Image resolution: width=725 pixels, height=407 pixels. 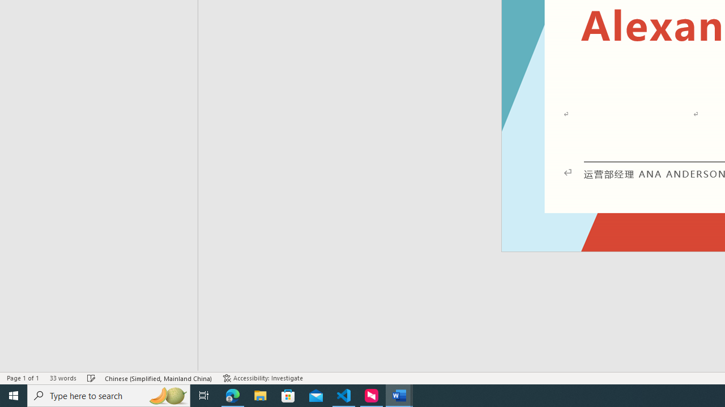 What do you see at coordinates (23, 378) in the screenshot?
I see `'Page Number Page 1 of 1'` at bounding box center [23, 378].